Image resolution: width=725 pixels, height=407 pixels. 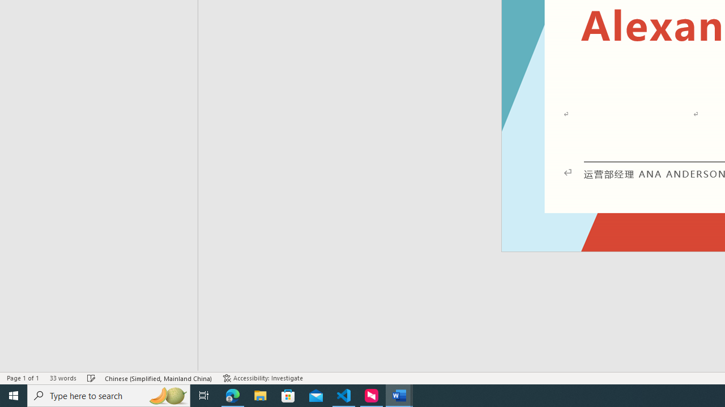 What do you see at coordinates (23, 378) in the screenshot?
I see `'Page Number Page 1 of 1'` at bounding box center [23, 378].